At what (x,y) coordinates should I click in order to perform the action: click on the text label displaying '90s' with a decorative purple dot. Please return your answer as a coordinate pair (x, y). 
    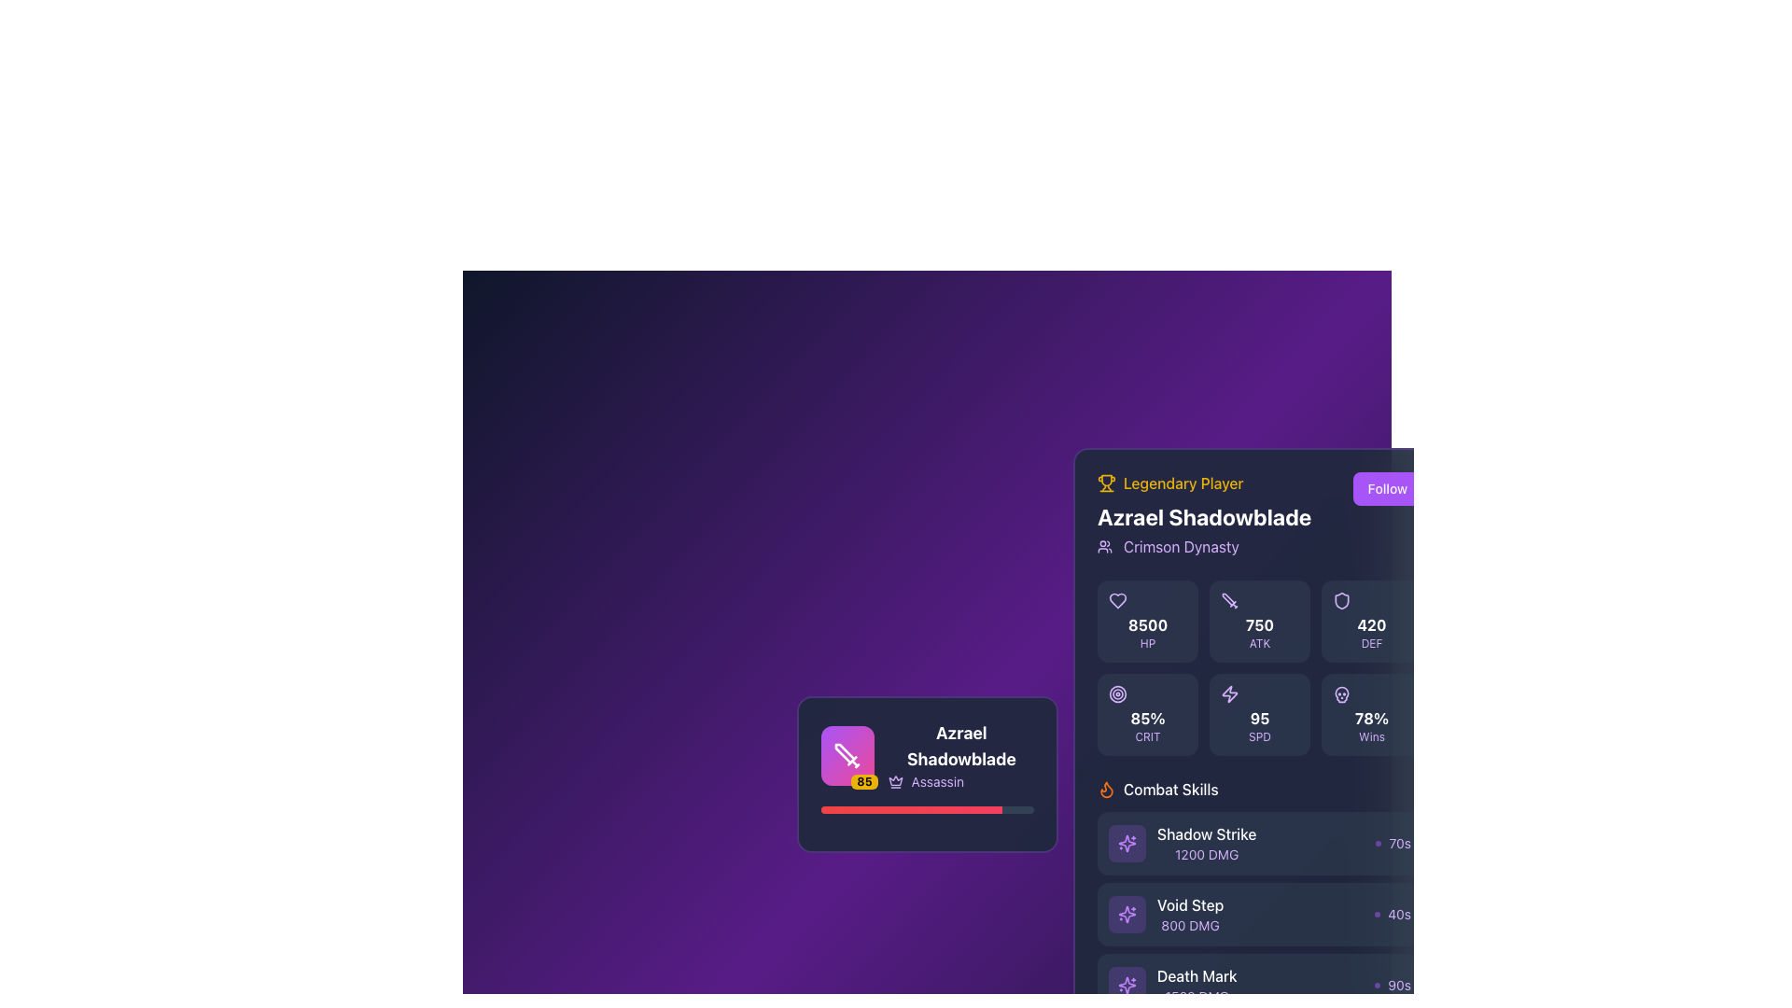
    Looking at the image, I should click on (1393, 985).